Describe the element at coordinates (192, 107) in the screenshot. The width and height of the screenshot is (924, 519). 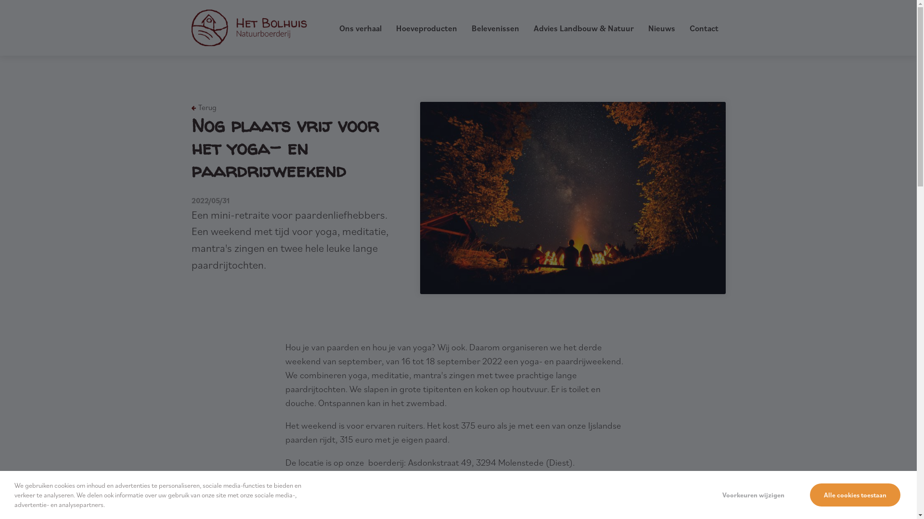
I see `'Terug'` at that location.